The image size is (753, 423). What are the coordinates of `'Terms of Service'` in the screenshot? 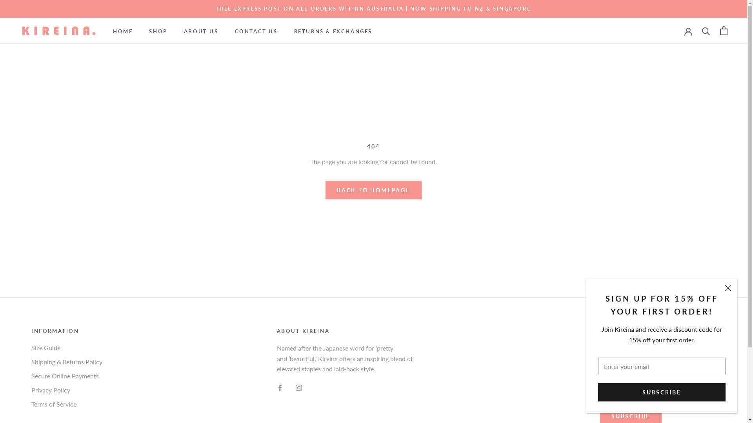 It's located at (67, 404).